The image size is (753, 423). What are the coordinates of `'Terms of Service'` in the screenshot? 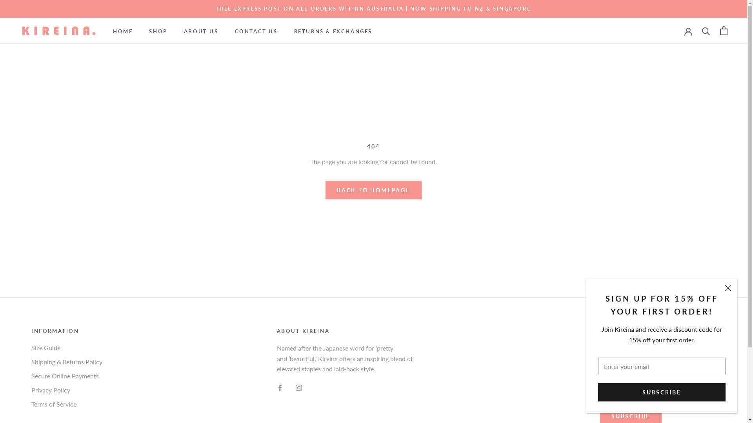 It's located at (67, 404).